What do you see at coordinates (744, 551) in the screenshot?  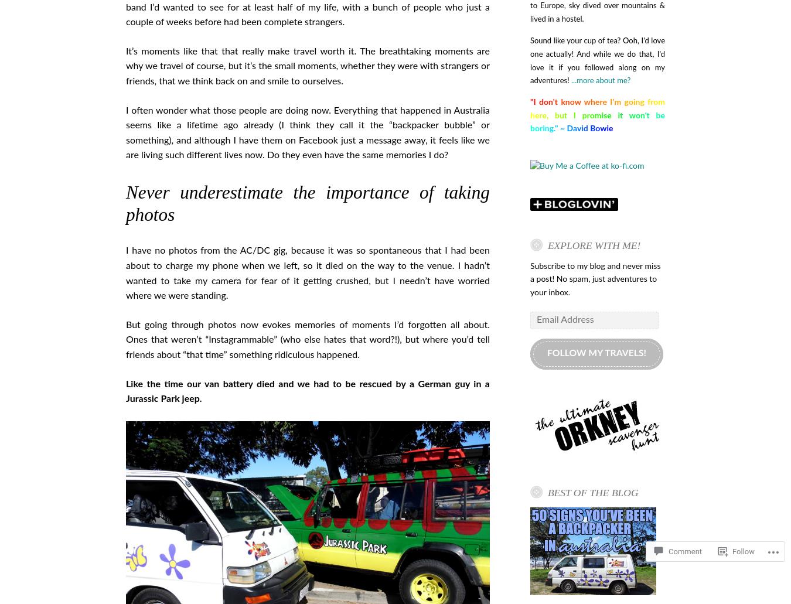 I see `'Follow'` at bounding box center [744, 551].